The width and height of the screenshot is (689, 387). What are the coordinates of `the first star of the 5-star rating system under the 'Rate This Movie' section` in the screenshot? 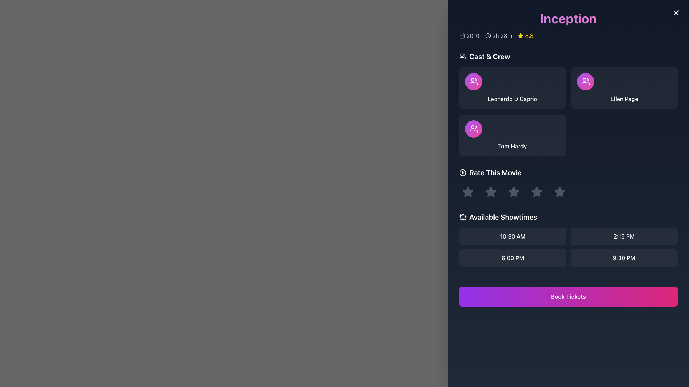 It's located at (468, 192).